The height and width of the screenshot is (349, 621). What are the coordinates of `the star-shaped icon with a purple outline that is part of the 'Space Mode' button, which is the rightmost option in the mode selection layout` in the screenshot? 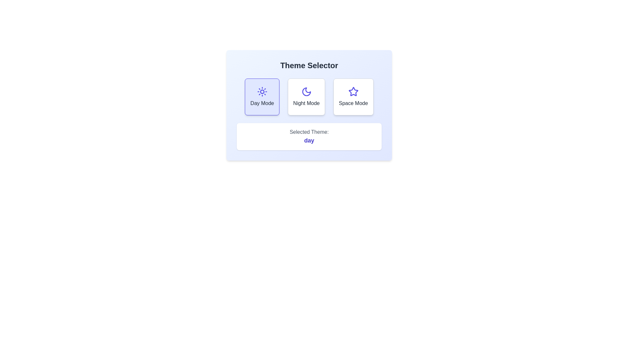 It's located at (353, 92).